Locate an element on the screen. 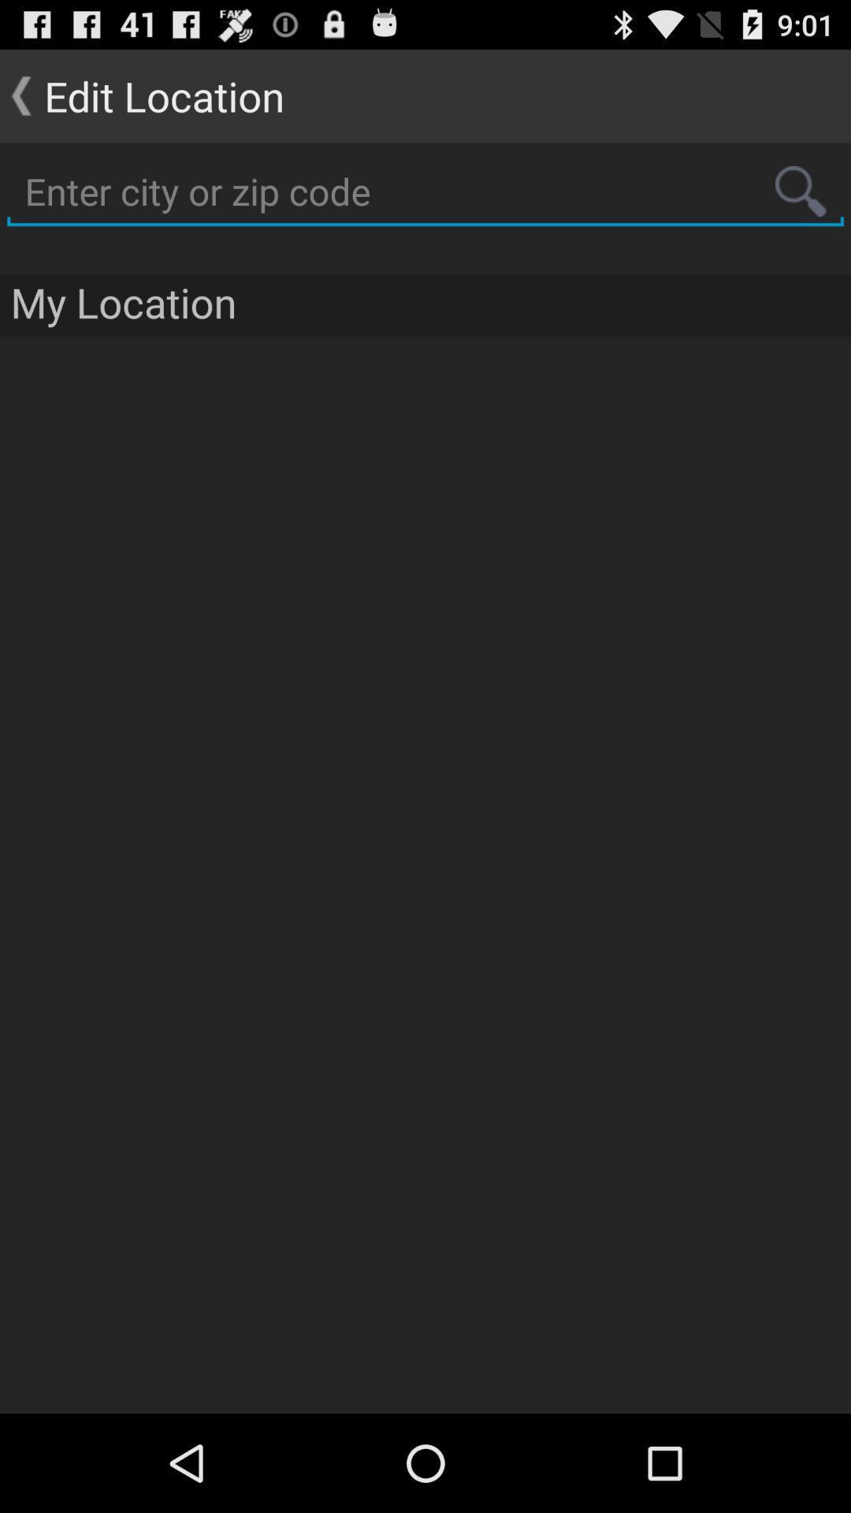  information box is located at coordinates (425, 191).